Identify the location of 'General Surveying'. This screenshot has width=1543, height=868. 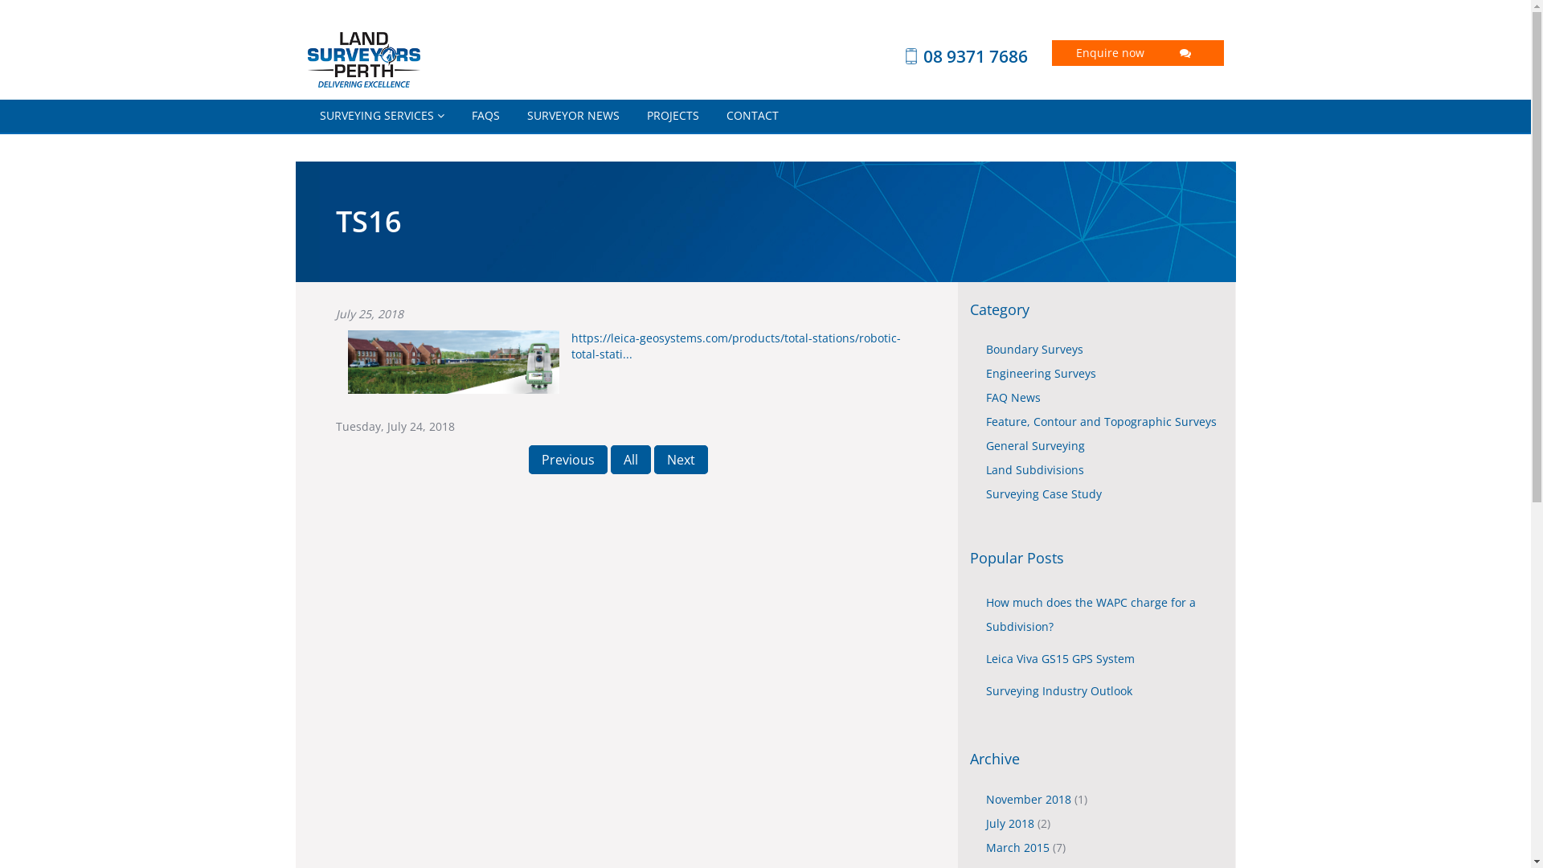
(1035, 445).